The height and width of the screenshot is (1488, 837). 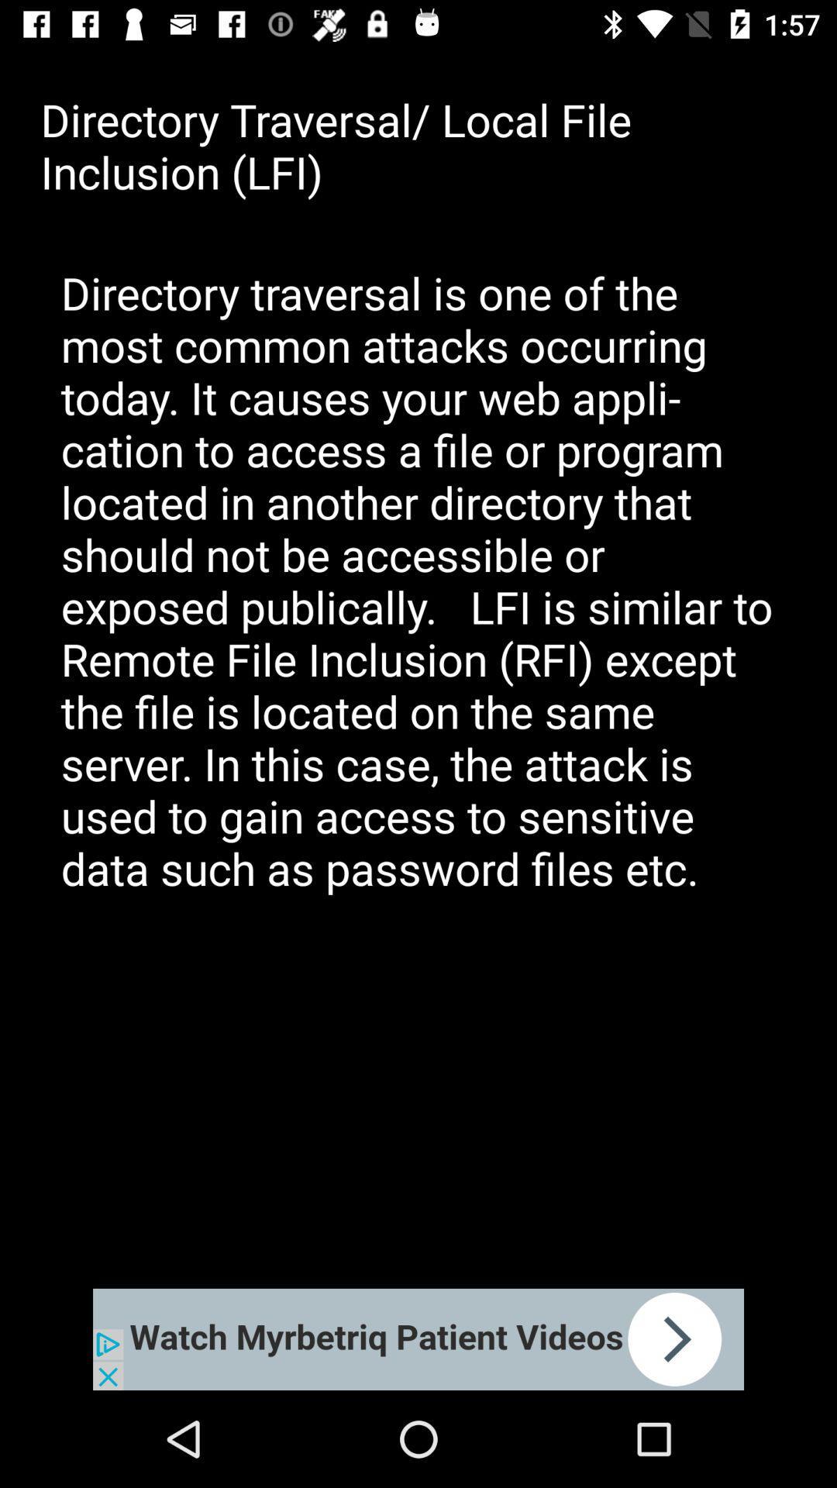 I want to click on open an advertisements, so click(x=418, y=1338).